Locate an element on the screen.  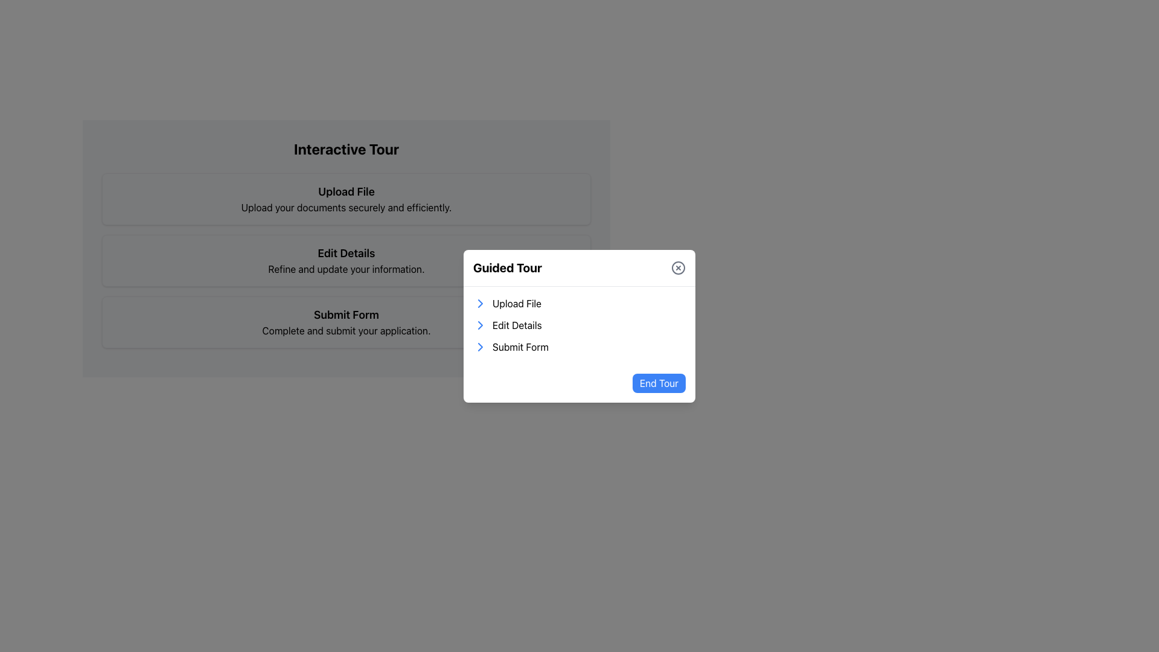
static content providing information about editing details located under the header 'Interactive Tour', positioned between 'Upload File' and 'Submit Form' is located at coordinates (346, 260).